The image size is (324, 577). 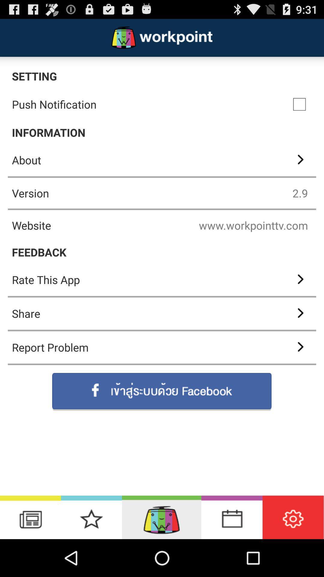 What do you see at coordinates (161, 517) in the screenshot?
I see `application home screen` at bounding box center [161, 517].